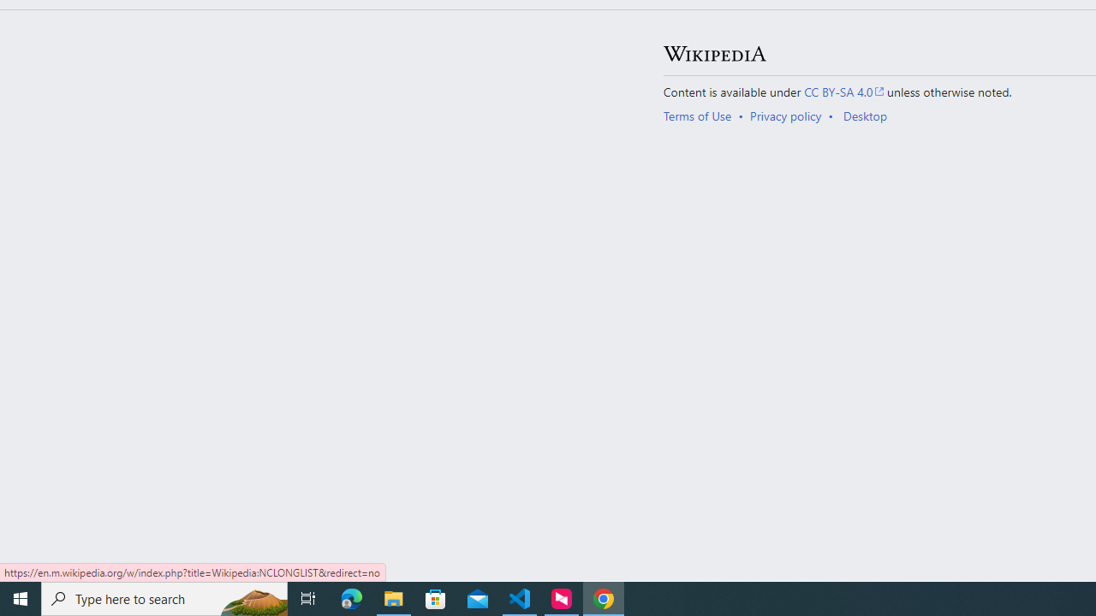 The height and width of the screenshot is (616, 1096). What do you see at coordinates (703, 115) in the screenshot?
I see `'AutomationID: footer-places-terms-use'` at bounding box center [703, 115].